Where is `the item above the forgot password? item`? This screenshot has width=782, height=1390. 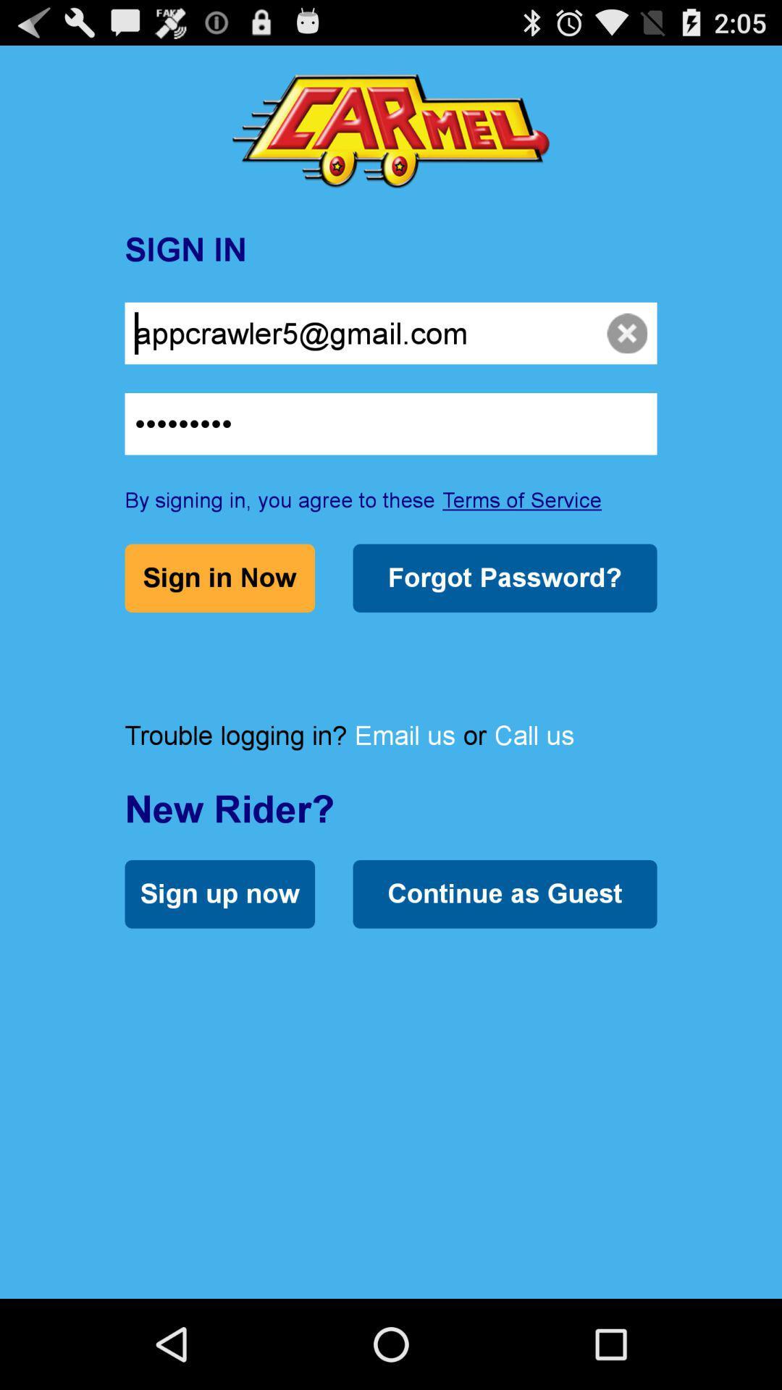 the item above the forgot password? item is located at coordinates (522, 500).